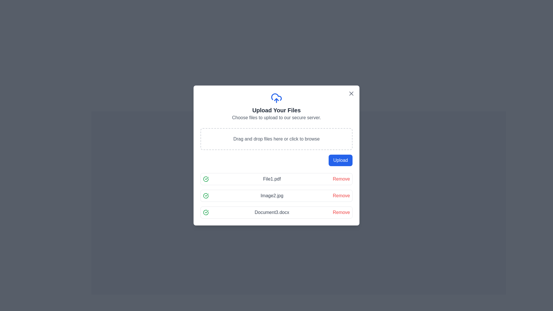 The height and width of the screenshot is (311, 553). Describe the element at coordinates (341, 195) in the screenshot. I see `the 'Remove' button, which is a clickable text styled in prominent red, located in the rightmost section of the file upload list for 'Image2.jpg'` at that location.